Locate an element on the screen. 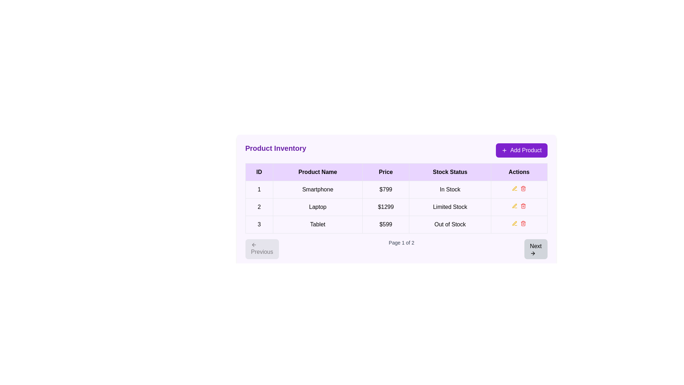  the delete button for the 'Laptop' entry in the Actions column is located at coordinates (523, 206).